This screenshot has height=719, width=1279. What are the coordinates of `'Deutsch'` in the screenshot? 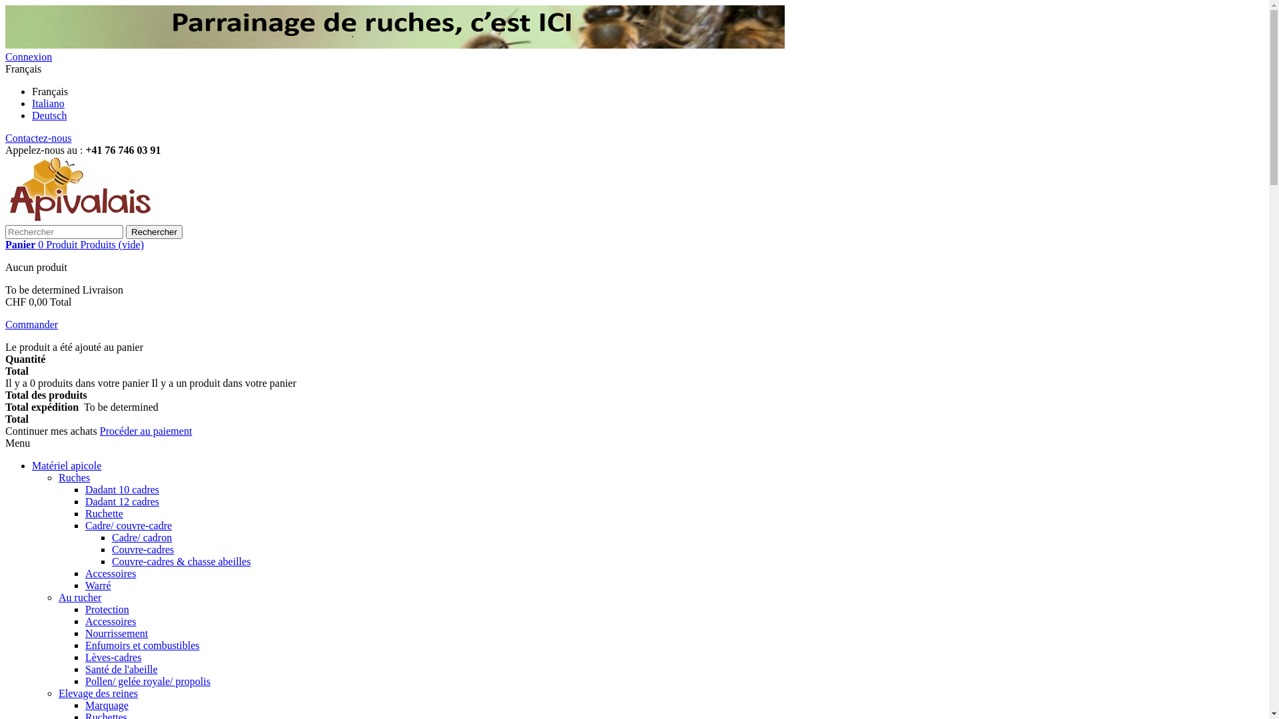 It's located at (32, 115).